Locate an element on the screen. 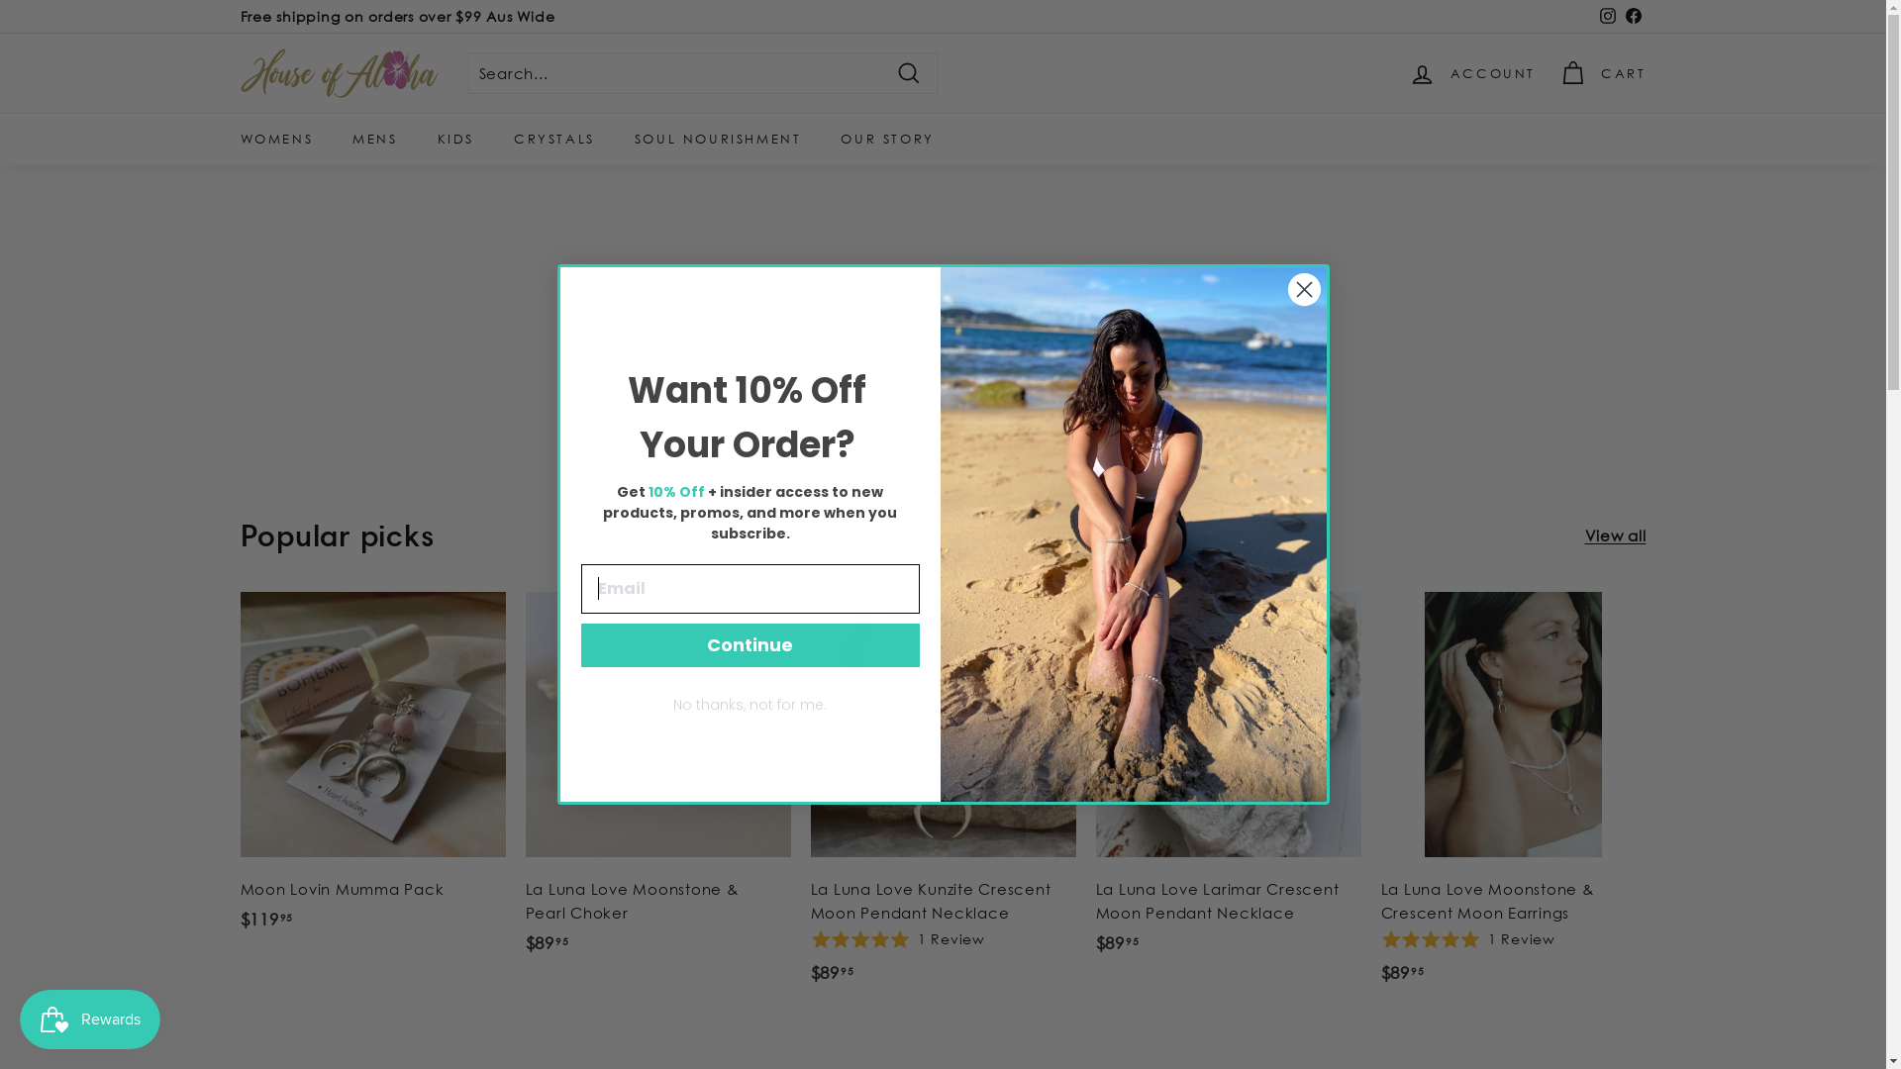 Image resolution: width=1901 pixels, height=1069 pixels. 'ACCOUNT' is located at coordinates (1472, 71).